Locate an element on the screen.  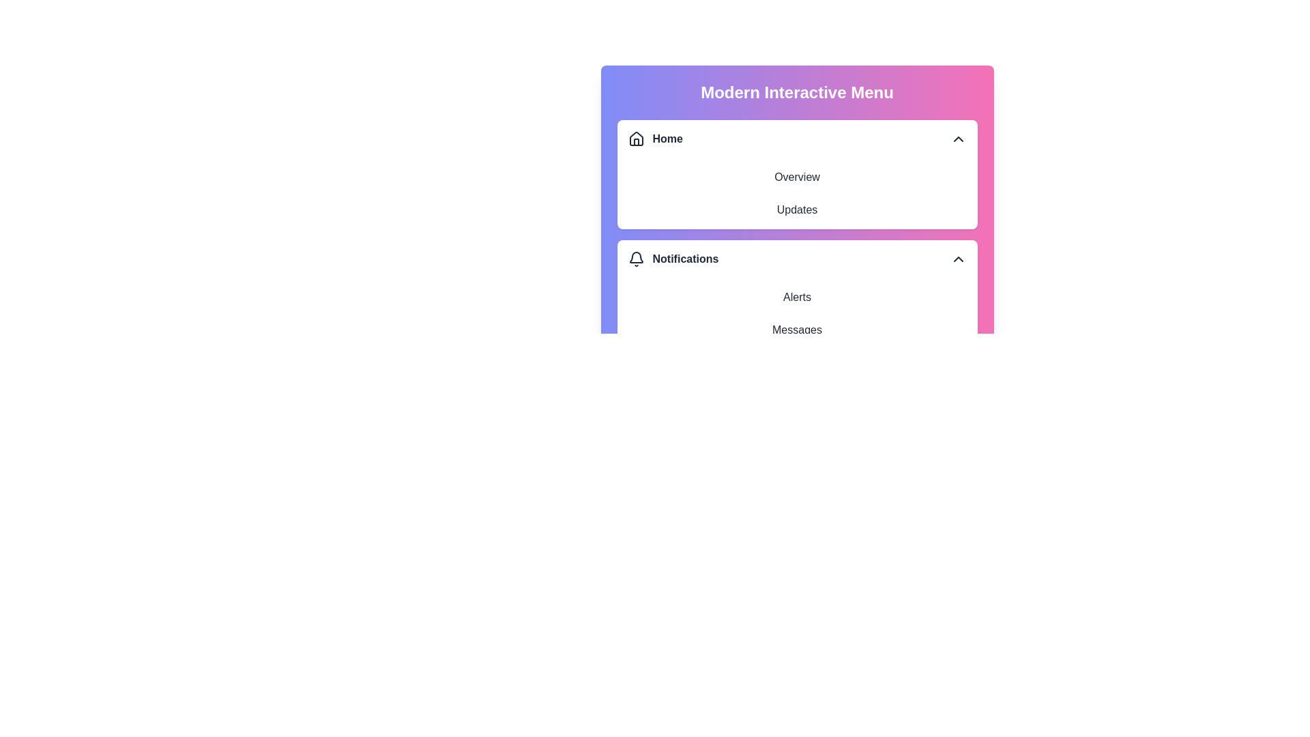
the toggle icon next to the Notifications section title is located at coordinates (957, 259).